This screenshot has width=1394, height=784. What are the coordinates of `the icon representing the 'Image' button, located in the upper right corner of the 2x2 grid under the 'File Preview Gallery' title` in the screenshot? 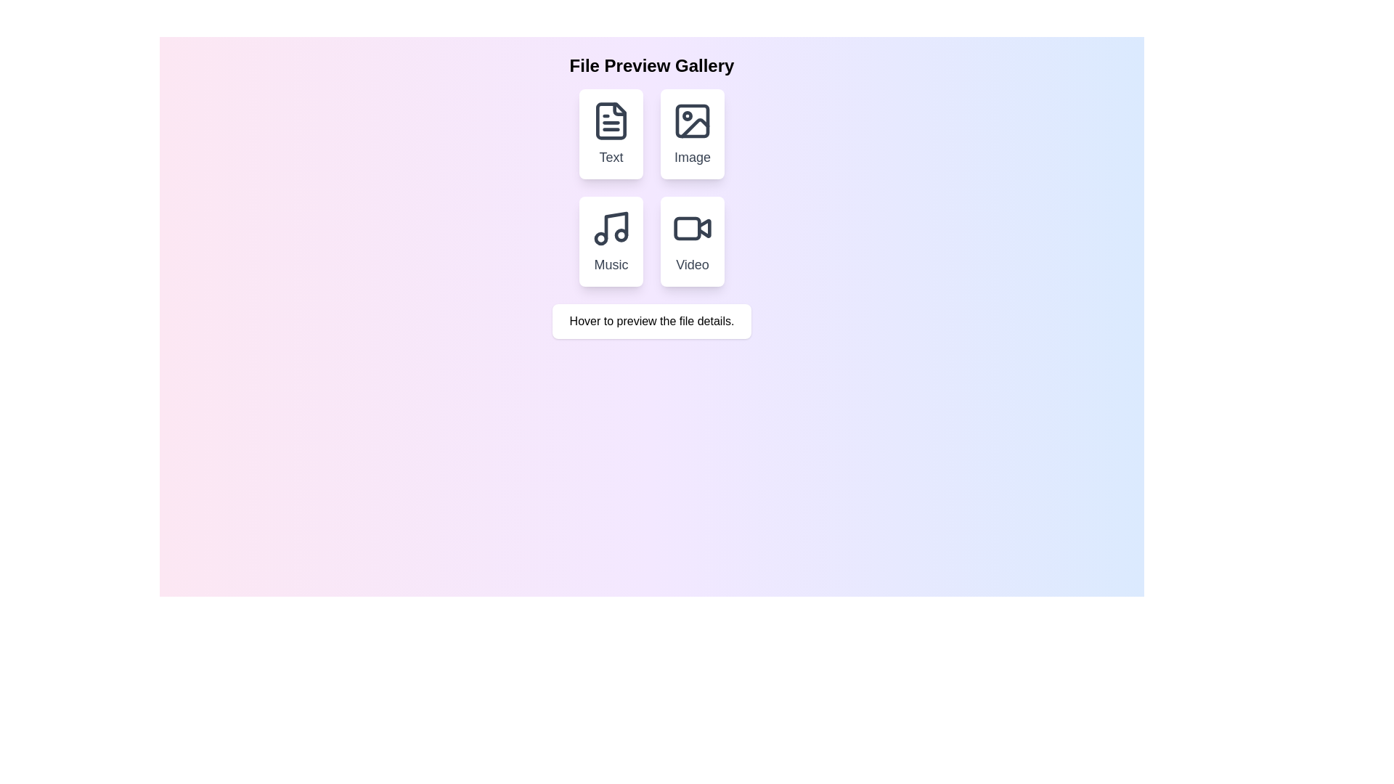 It's located at (694, 127).